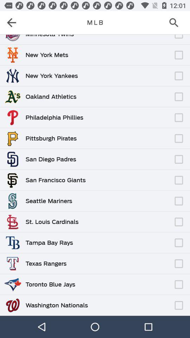 The width and height of the screenshot is (190, 338). What do you see at coordinates (46, 263) in the screenshot?
I see `texas rangers item` at bounding box center [46, 263].